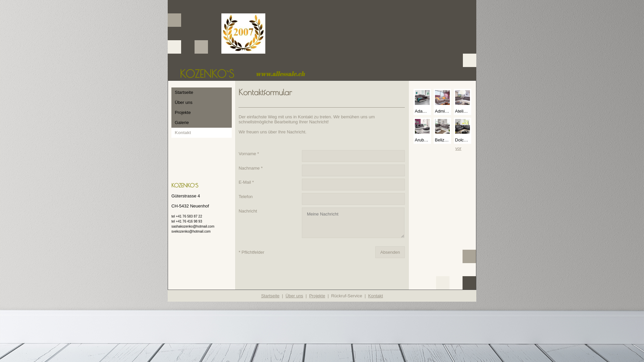  I want to click on 'Atelier 3-2 M9035 Fu...', so click(462, 102).